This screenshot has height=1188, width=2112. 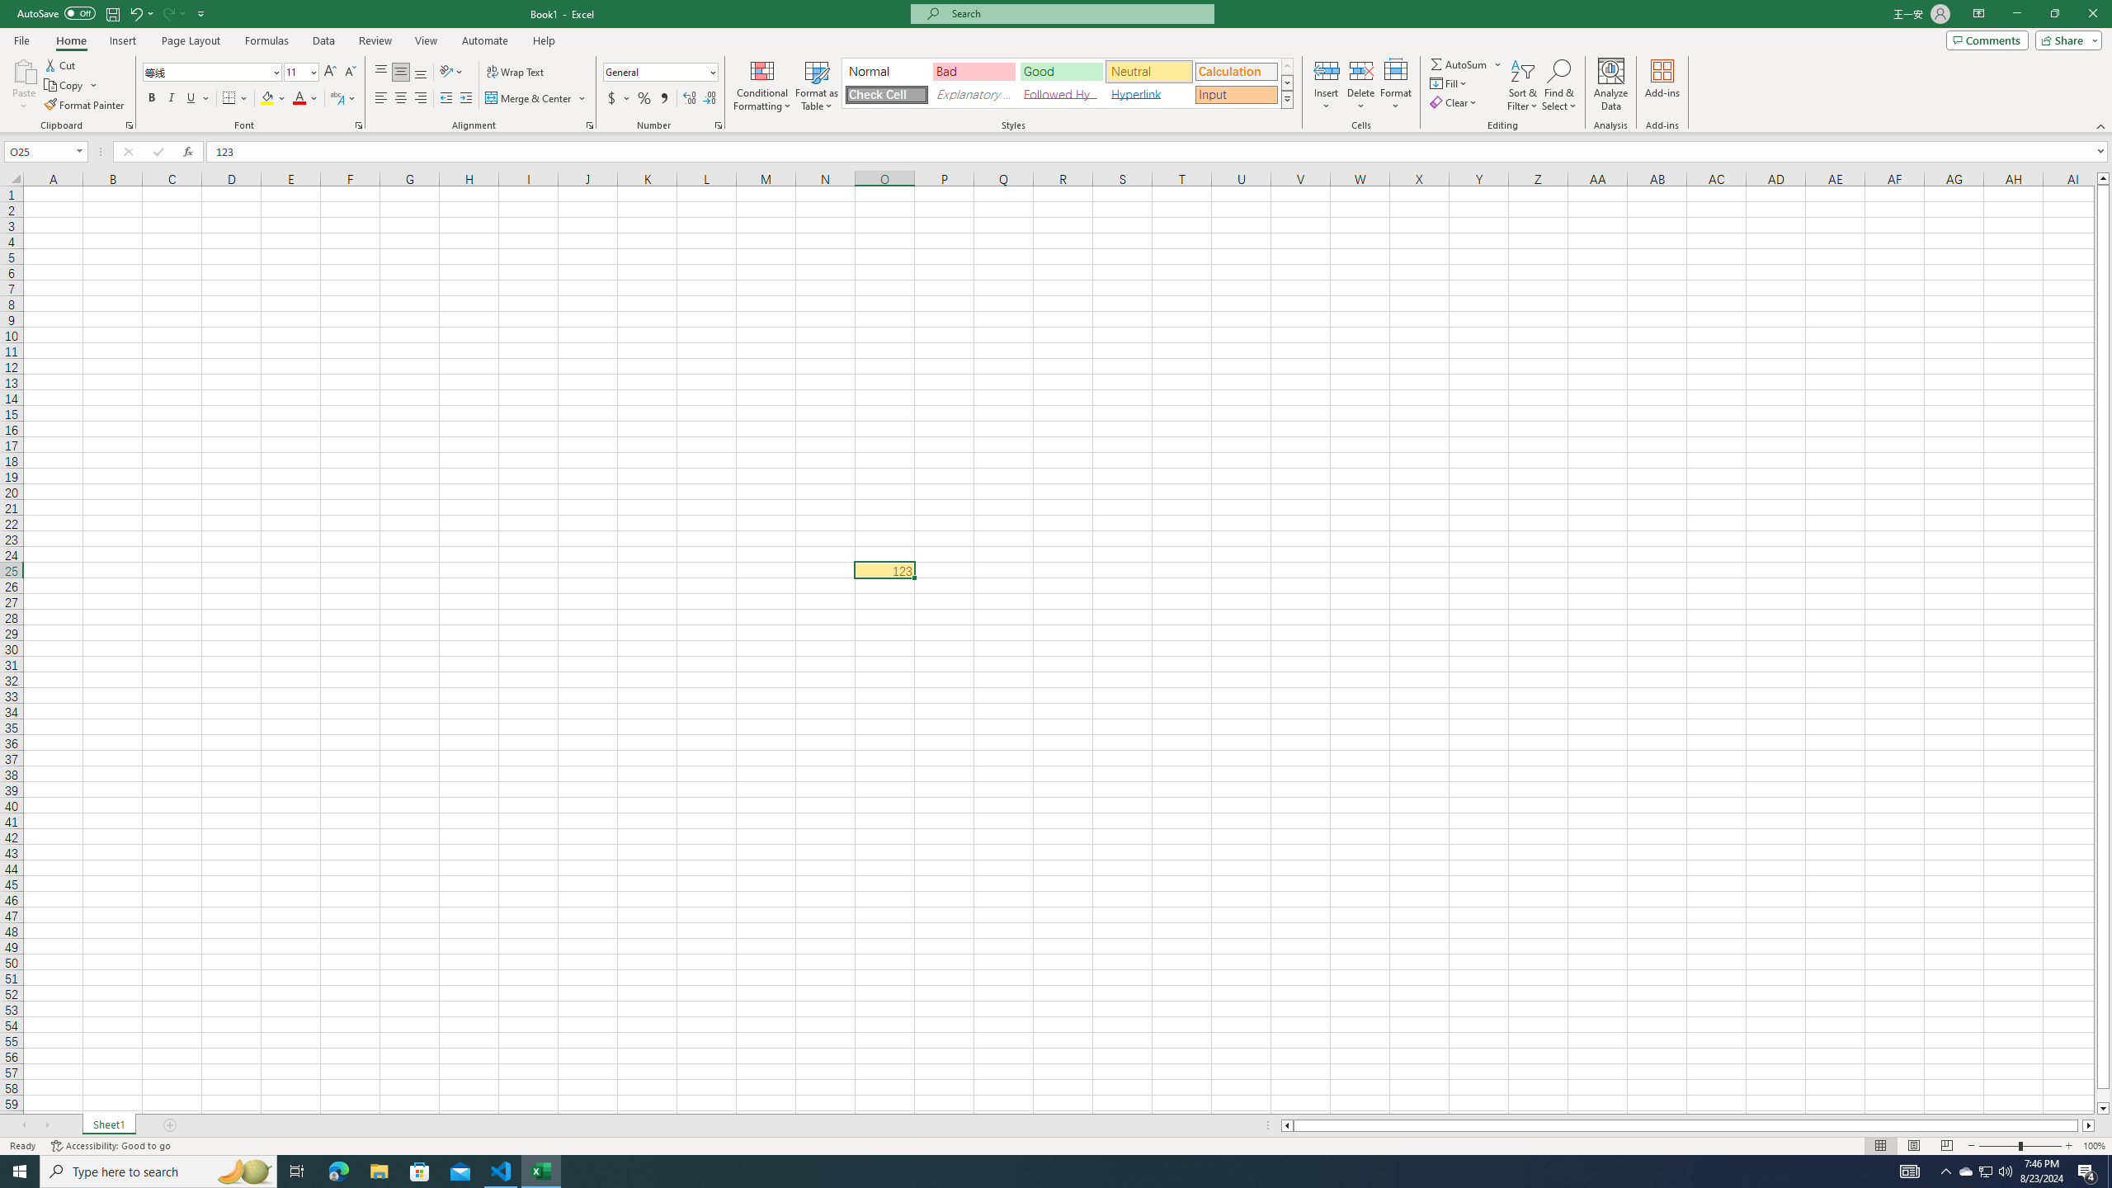 I want to click on 'Analyze Data', so click(x=1610, y=85).